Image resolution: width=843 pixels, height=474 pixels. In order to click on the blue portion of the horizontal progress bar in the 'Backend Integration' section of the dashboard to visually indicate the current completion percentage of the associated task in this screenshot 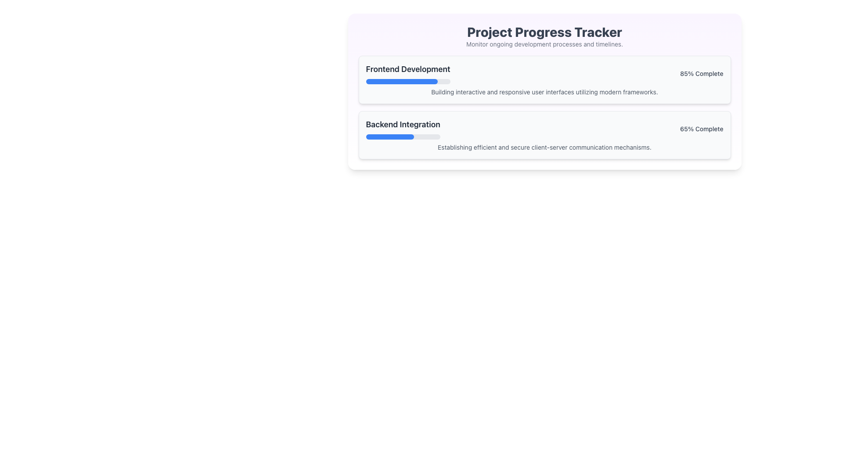, I will do `click(389, 137)`.